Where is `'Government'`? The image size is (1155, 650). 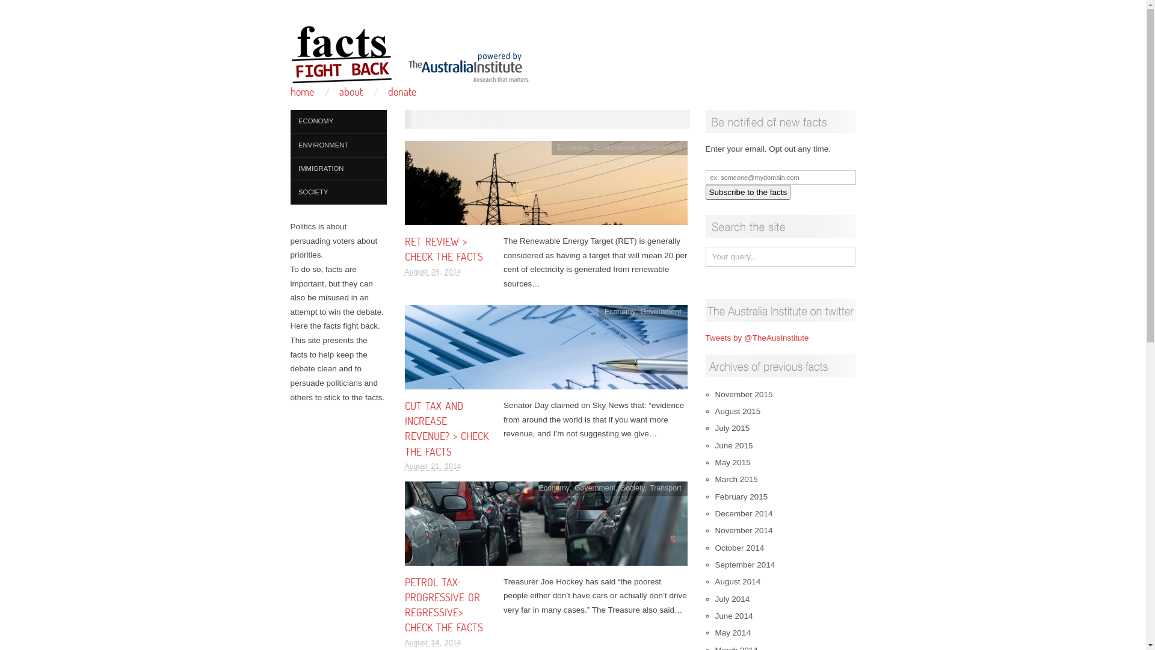
'Government' is located at coordinates (661, 147).